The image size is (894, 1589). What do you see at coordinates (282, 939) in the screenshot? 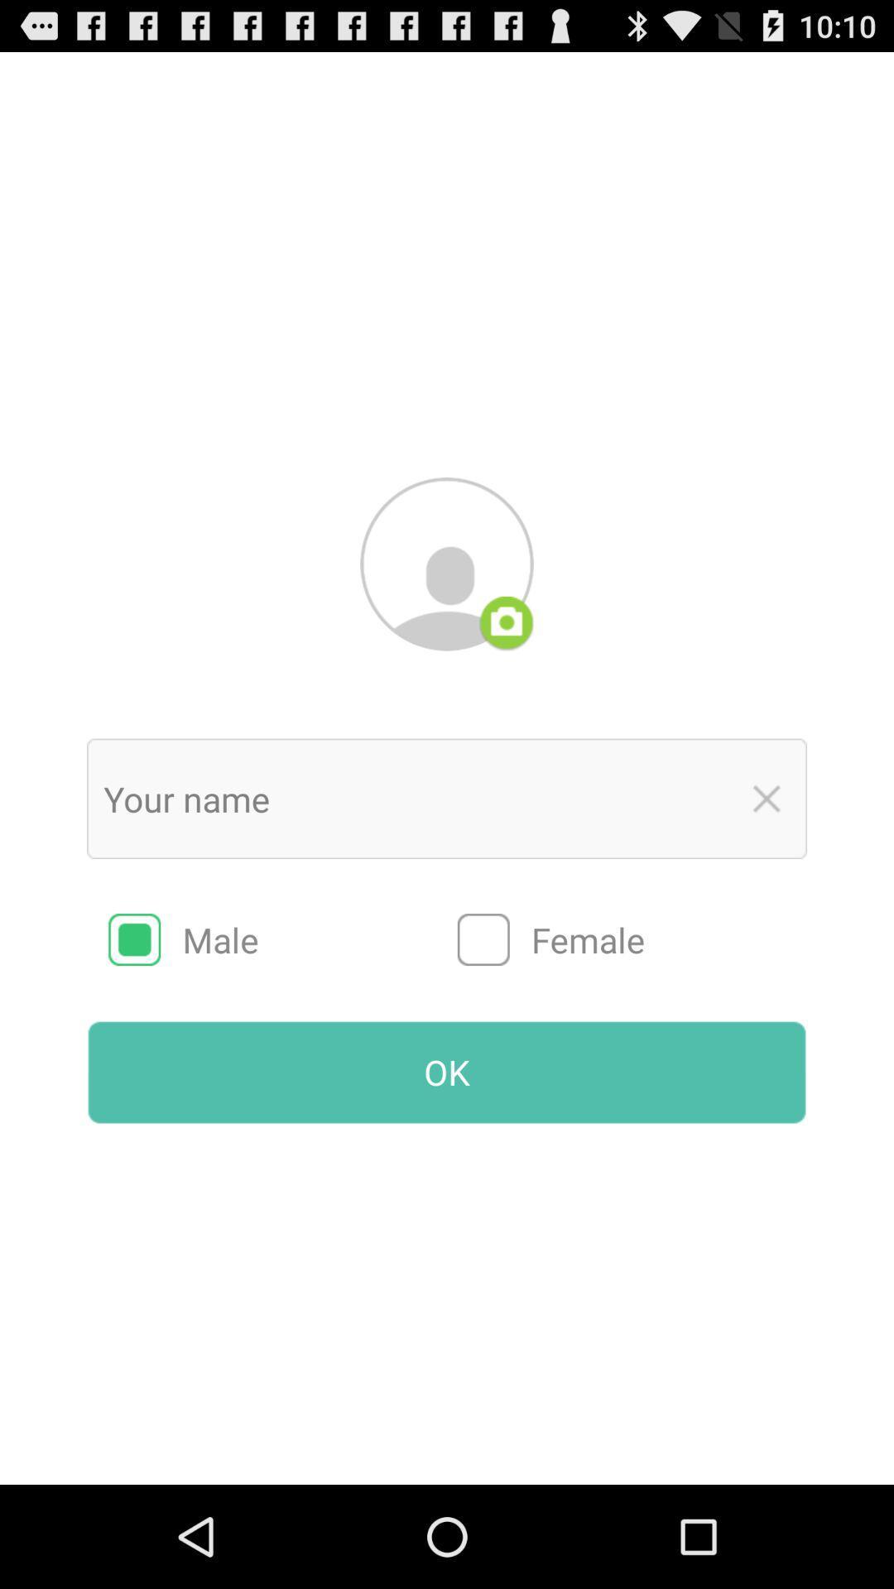
I see `the male icon` at bounding box center [282, 939].